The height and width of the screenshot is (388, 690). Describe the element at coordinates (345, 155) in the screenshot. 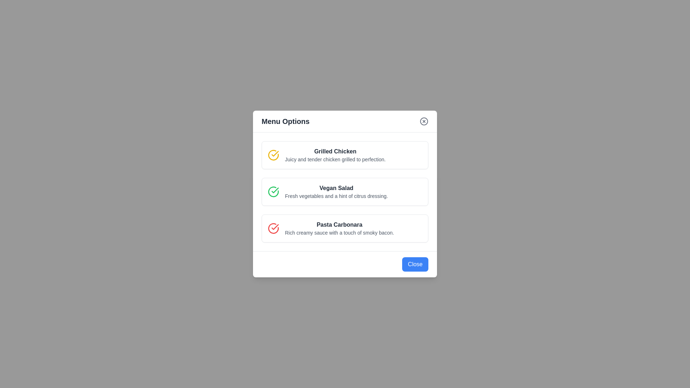

I see `the menu item Grilled Chicken to select it` at that location.